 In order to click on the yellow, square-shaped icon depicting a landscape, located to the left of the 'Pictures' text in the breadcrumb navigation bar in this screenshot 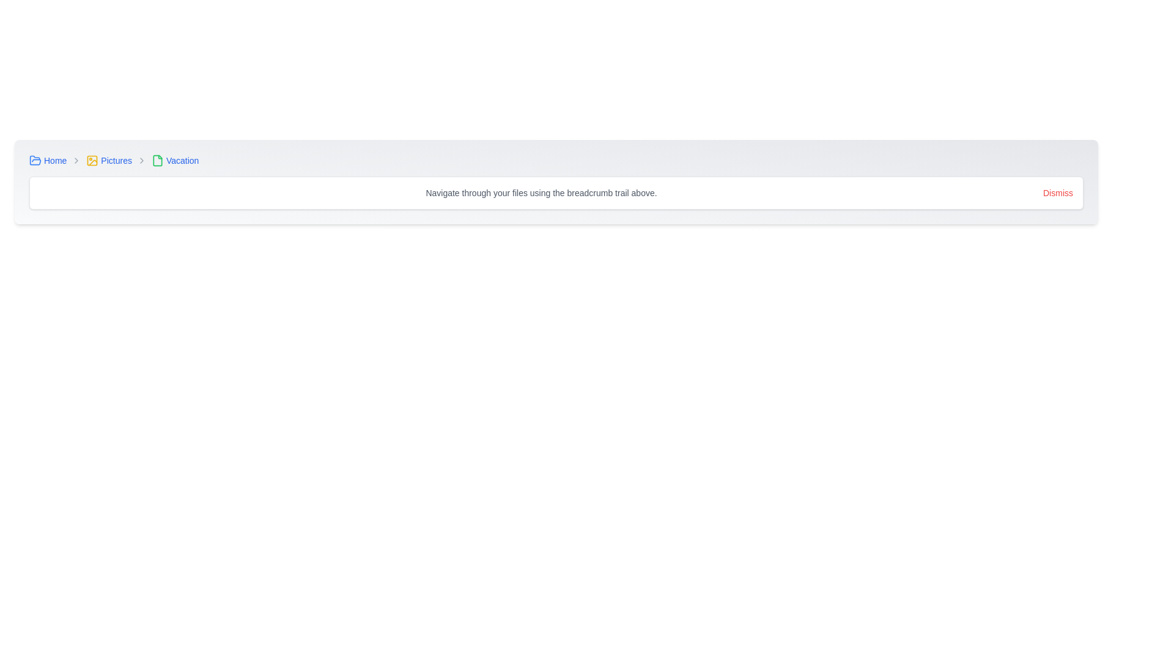, I will do `click(92, 159)`.